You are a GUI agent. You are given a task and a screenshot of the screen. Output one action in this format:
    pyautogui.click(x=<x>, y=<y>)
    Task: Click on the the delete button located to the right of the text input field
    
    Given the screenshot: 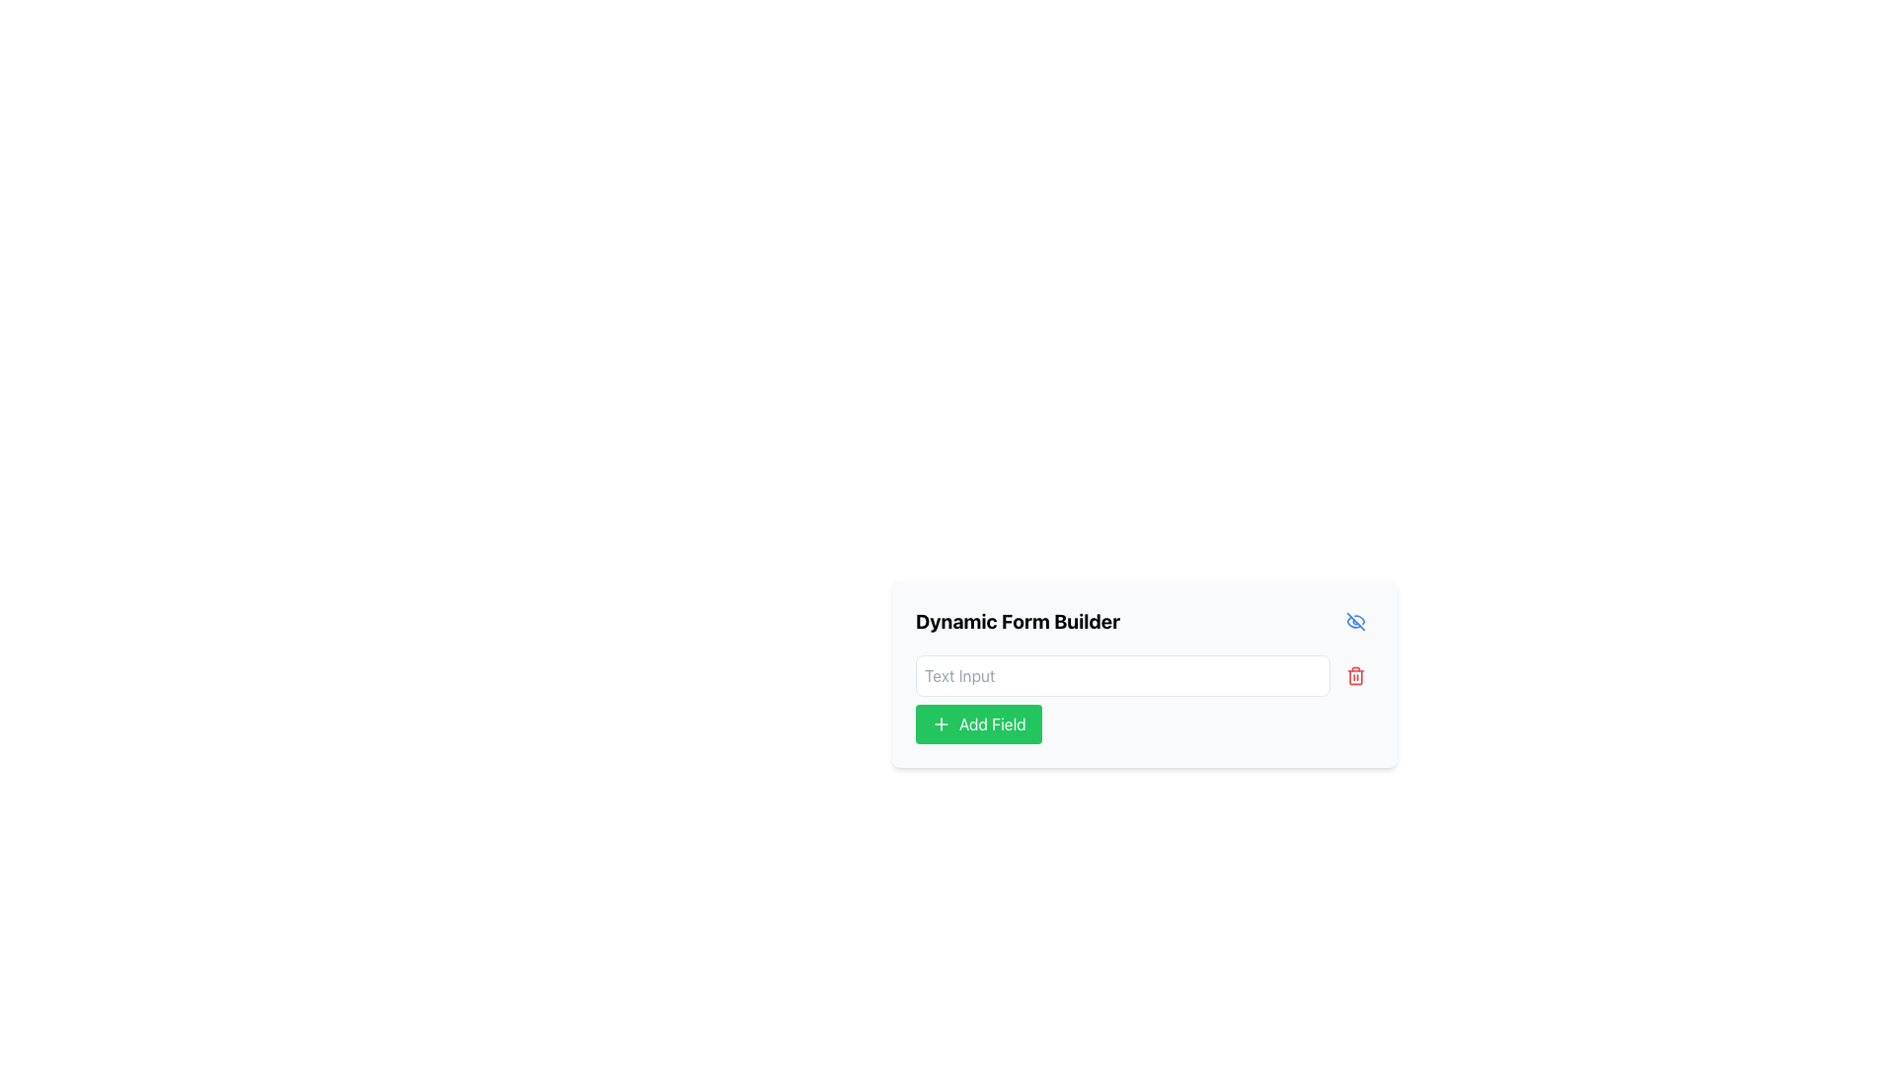 What is the action you would take?
    pyautogui.click(x=1354, y=675)
    